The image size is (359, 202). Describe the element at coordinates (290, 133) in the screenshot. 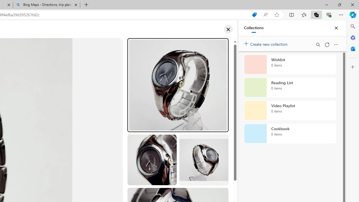

I see `'Cookbook collection, 0 items'` at that location.